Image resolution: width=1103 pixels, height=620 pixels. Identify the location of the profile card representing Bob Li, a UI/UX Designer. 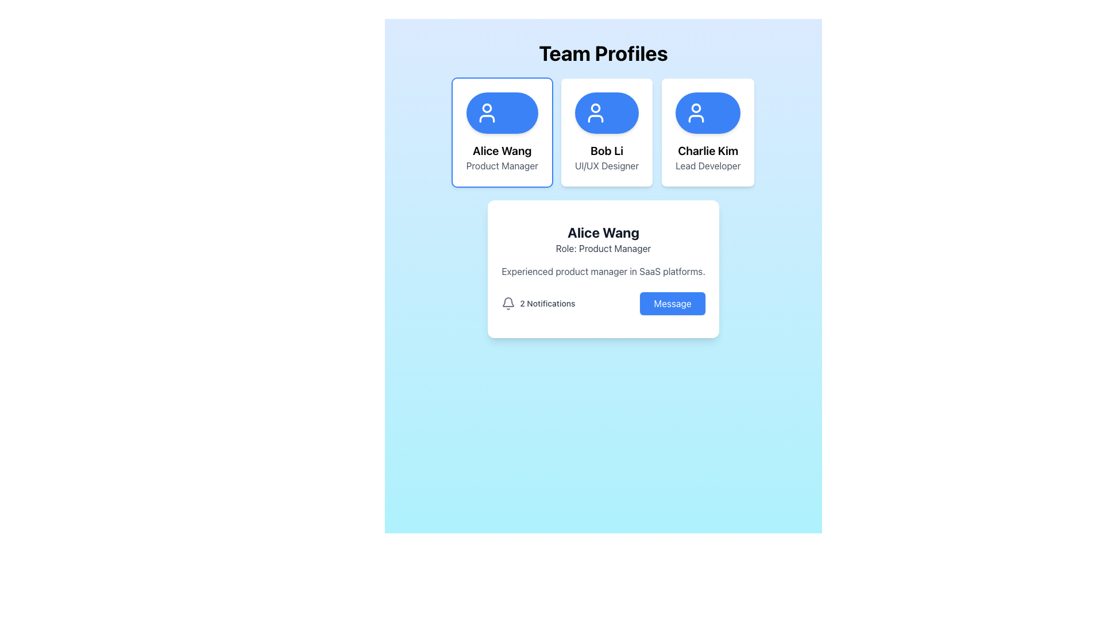
(606, 132).